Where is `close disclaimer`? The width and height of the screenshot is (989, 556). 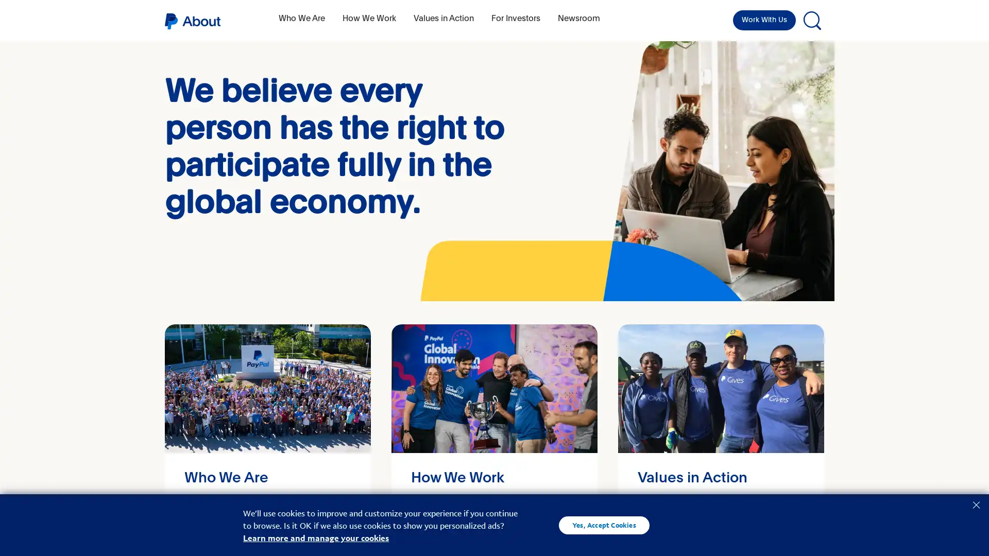 close disclaimer is located at coordinates (976, 503).